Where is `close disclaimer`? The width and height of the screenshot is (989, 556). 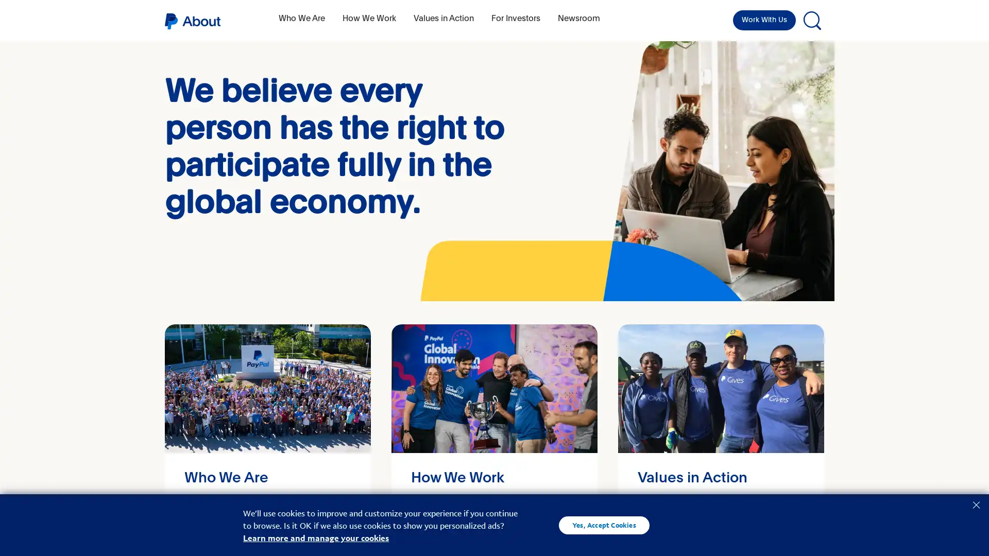 close disclaimer is located at coordinates (976, 503).